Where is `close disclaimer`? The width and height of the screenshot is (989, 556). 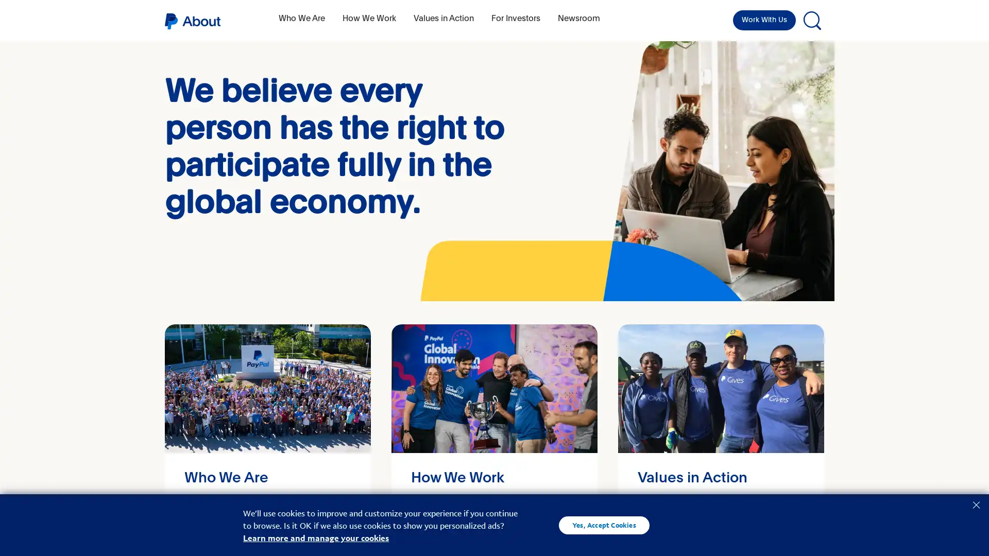 close disclaimer is located at coordinates (976, 503).